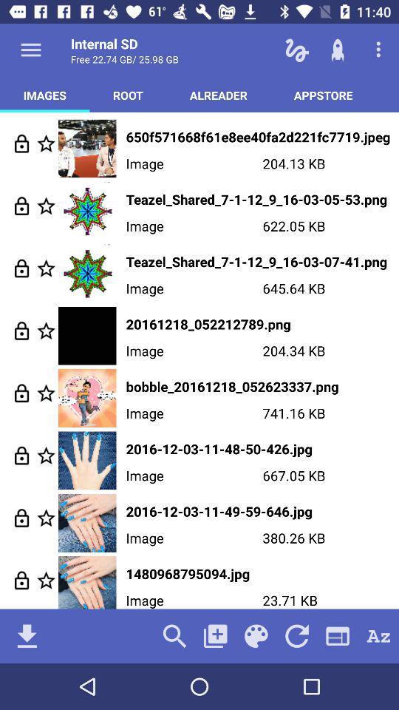 The width and height of the screenshot is (399, 710). Describe the element at coordinates (31, 50) in the screenshot. I see `open the options menu` at that location.